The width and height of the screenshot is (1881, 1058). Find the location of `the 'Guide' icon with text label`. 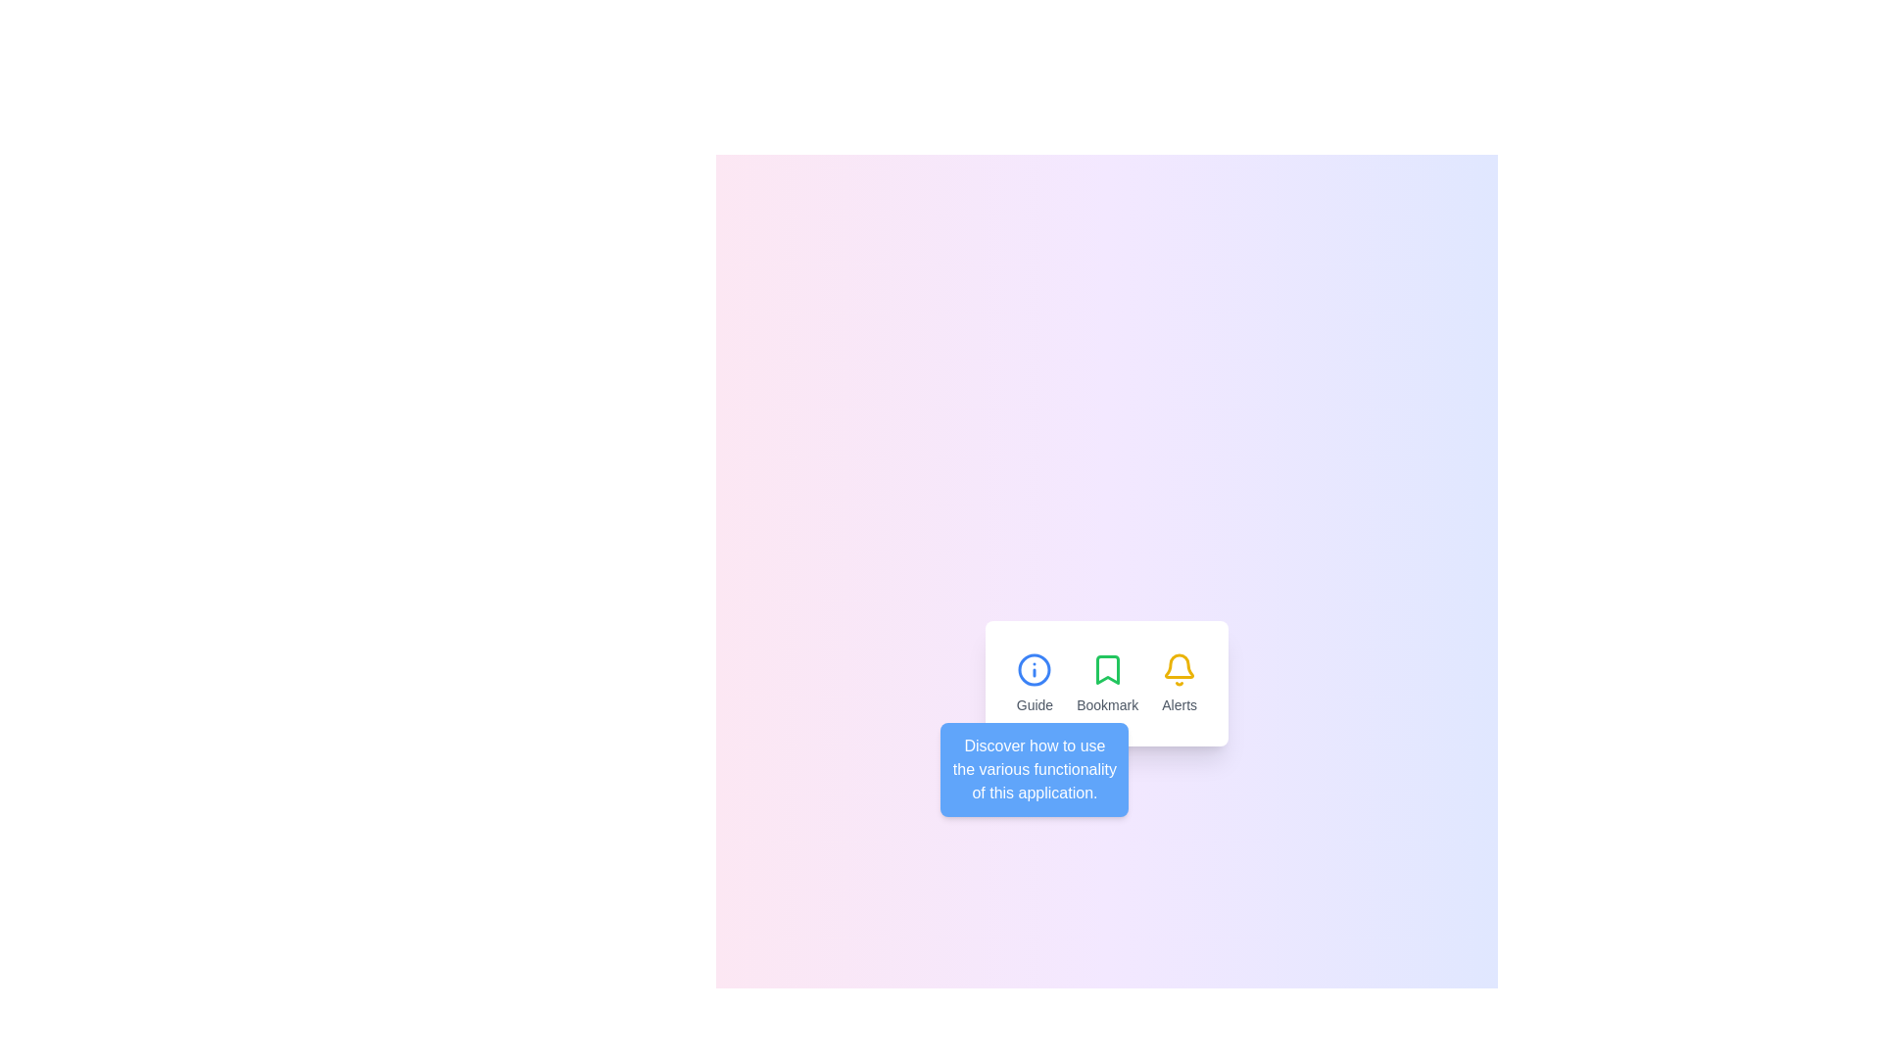

the 'Guide' icon with text label is located at coordinates (1034, 683).